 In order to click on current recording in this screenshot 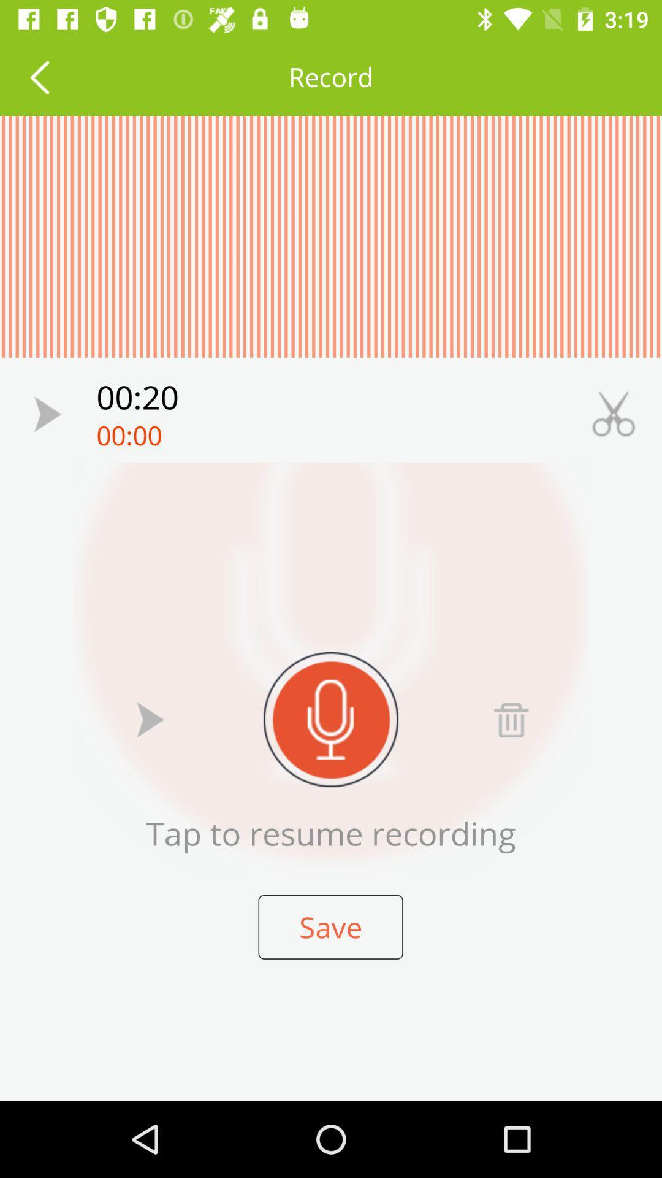, I will do `click(150, 719)`.